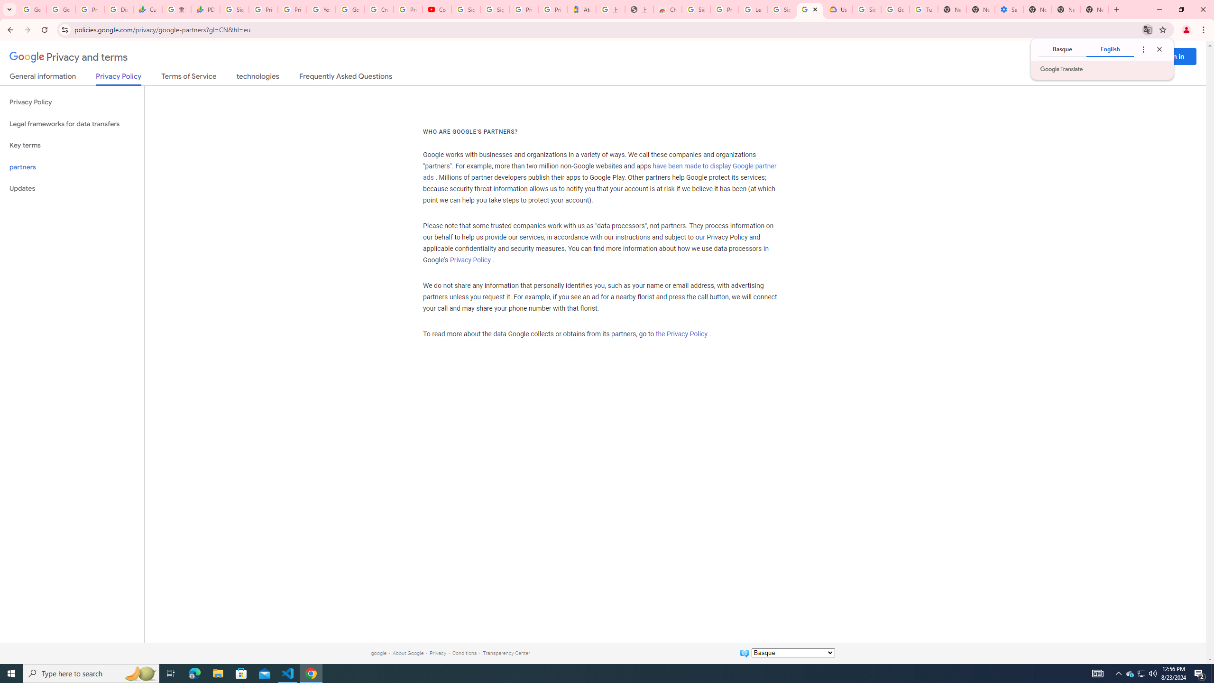  I want to click on 'Google Account Help', so click(349, 9).